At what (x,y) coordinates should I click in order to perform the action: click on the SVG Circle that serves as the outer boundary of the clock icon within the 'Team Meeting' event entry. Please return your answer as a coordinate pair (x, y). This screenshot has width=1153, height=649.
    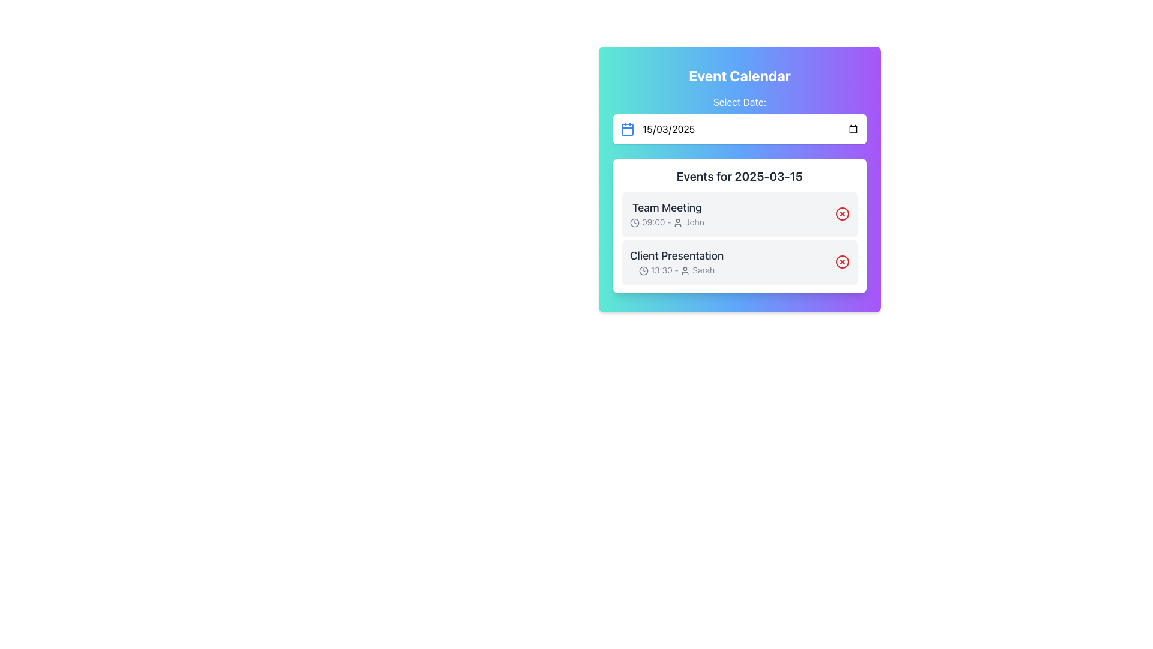
    Looking at the image, I should click on (634, 222).